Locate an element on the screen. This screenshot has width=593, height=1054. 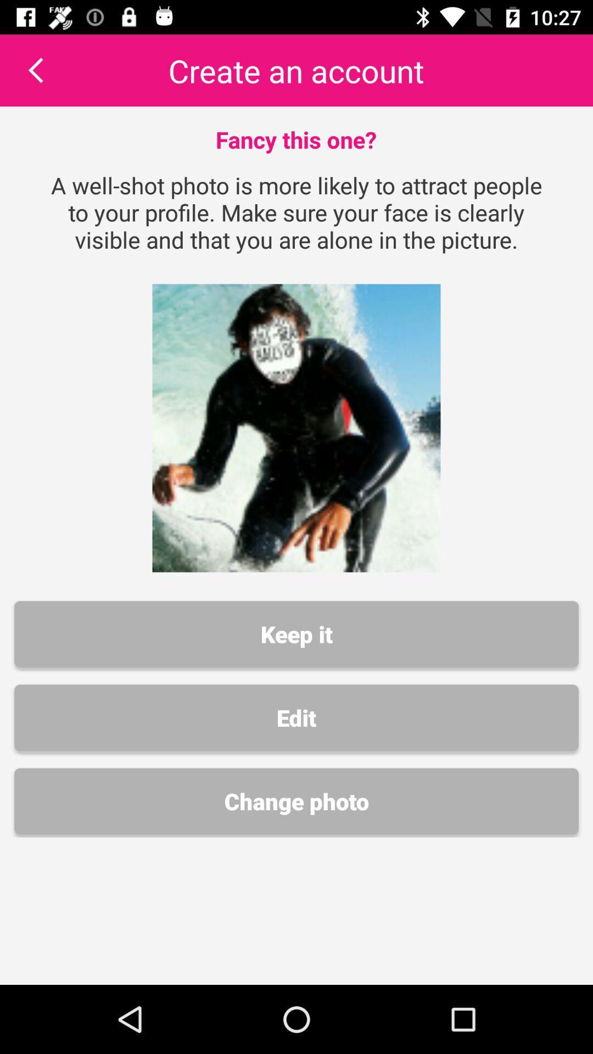
edit icon is located at coordinates (296, 717).